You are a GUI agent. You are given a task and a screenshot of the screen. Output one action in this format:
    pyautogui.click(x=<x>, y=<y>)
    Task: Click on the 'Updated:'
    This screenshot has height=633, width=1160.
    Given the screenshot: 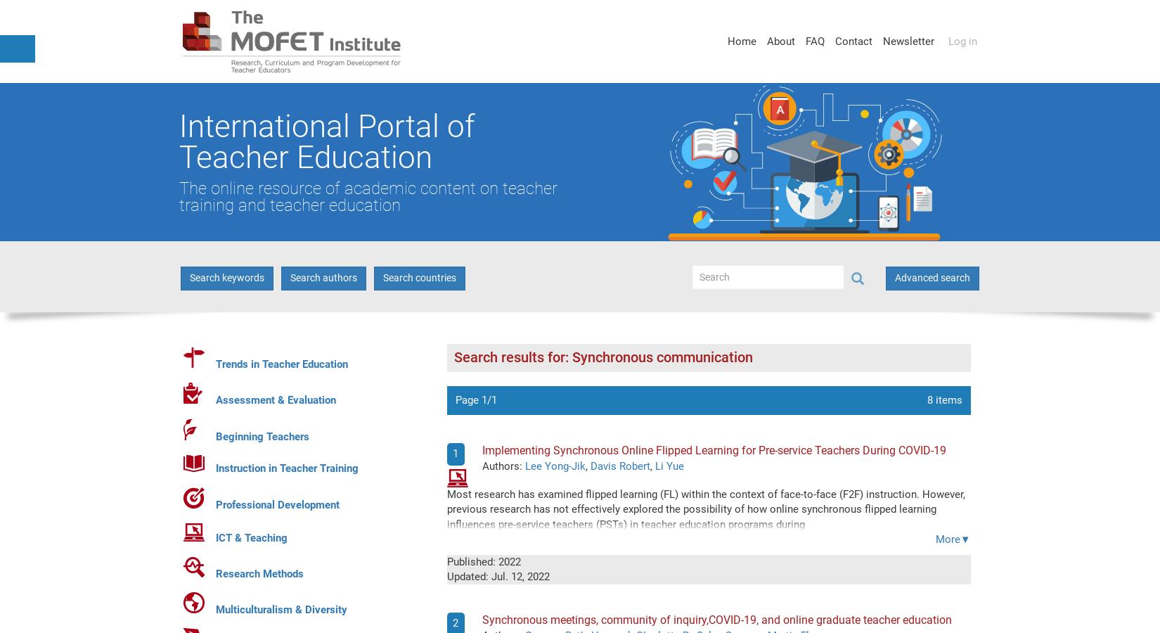 What is the action you would take?
    pyautogui.click(x=445, y=576)
    